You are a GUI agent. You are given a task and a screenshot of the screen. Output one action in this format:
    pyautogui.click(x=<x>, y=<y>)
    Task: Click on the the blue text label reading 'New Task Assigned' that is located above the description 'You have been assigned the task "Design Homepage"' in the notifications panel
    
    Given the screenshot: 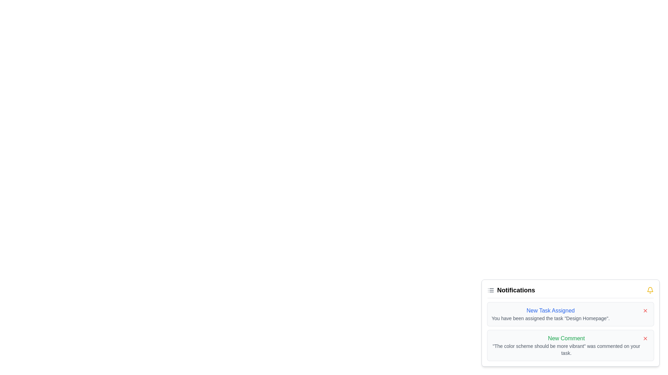 What is the action you would take?
    pyautogui.click(x=550, y=310)
    